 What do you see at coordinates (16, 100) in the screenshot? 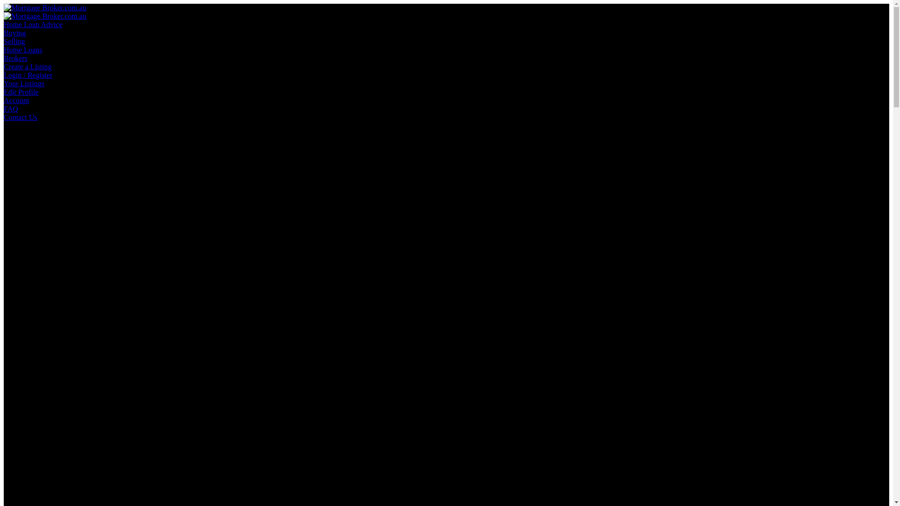
I see `'Account'` at bounding box center [16, 100].